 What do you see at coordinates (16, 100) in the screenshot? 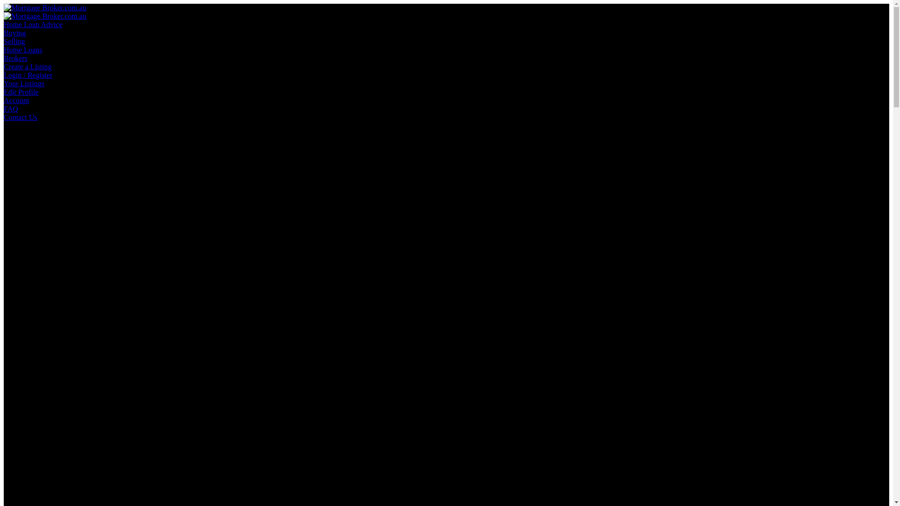
I see `'Account'` at bounding box center [16, 100].